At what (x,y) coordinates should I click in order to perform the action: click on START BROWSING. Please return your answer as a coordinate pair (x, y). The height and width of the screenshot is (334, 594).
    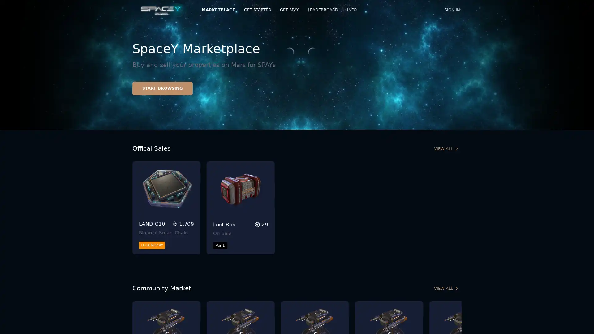
    Looking at the image, I should click on (162, 88).